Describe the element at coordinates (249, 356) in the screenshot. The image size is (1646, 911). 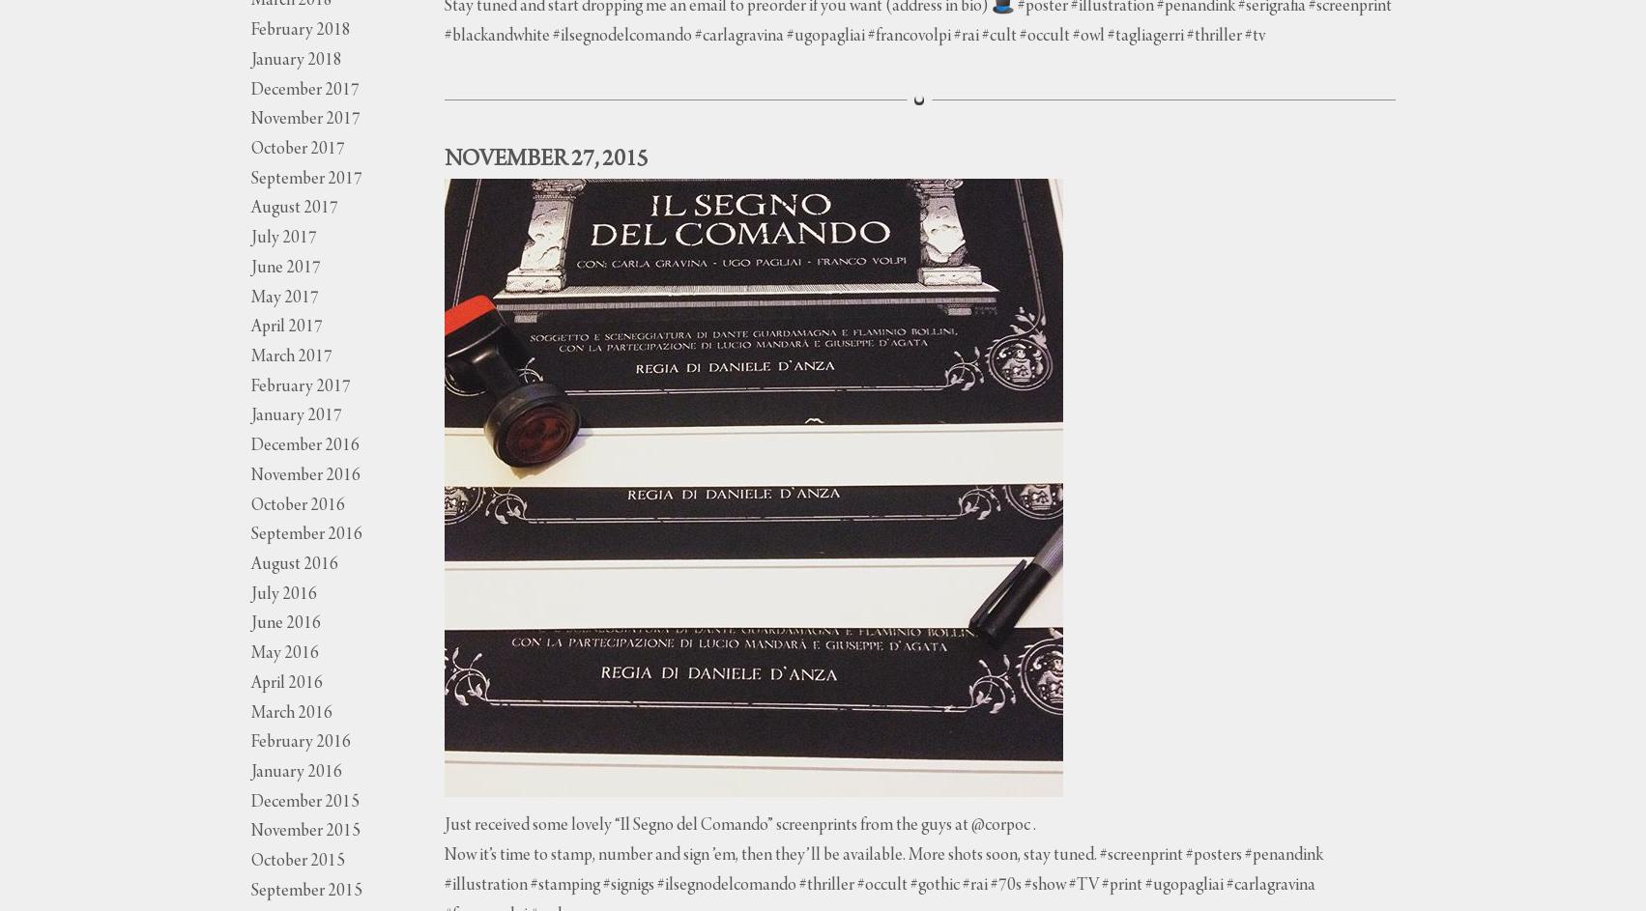
I see `'March 2017'` at that location.